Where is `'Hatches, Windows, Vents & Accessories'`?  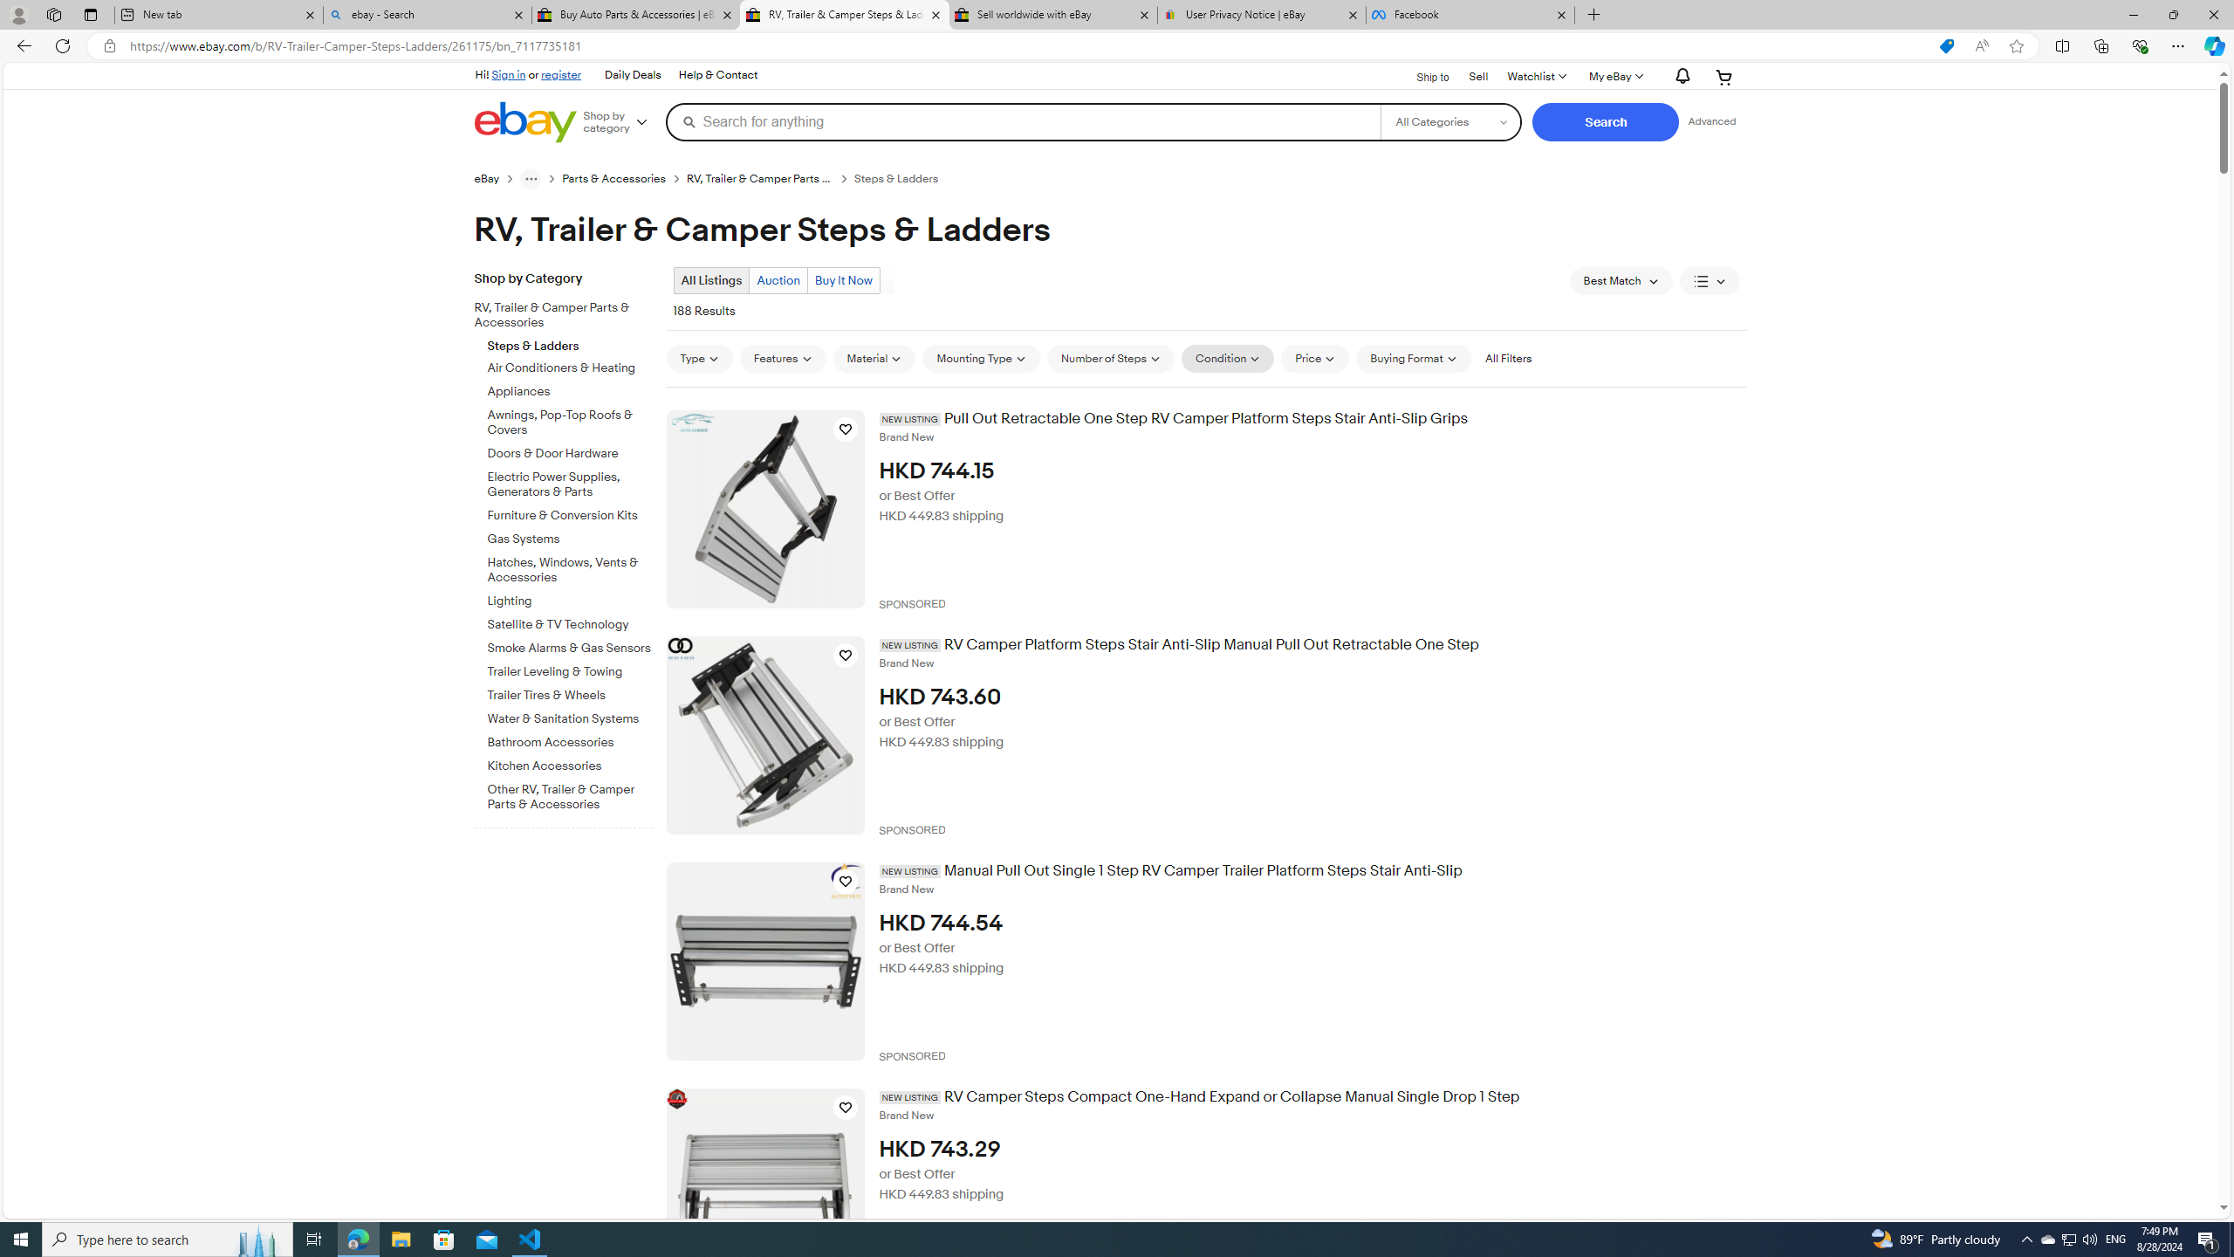
'Hatches, Windows, Vents & Accessories' is located at coordinates (570, 567).